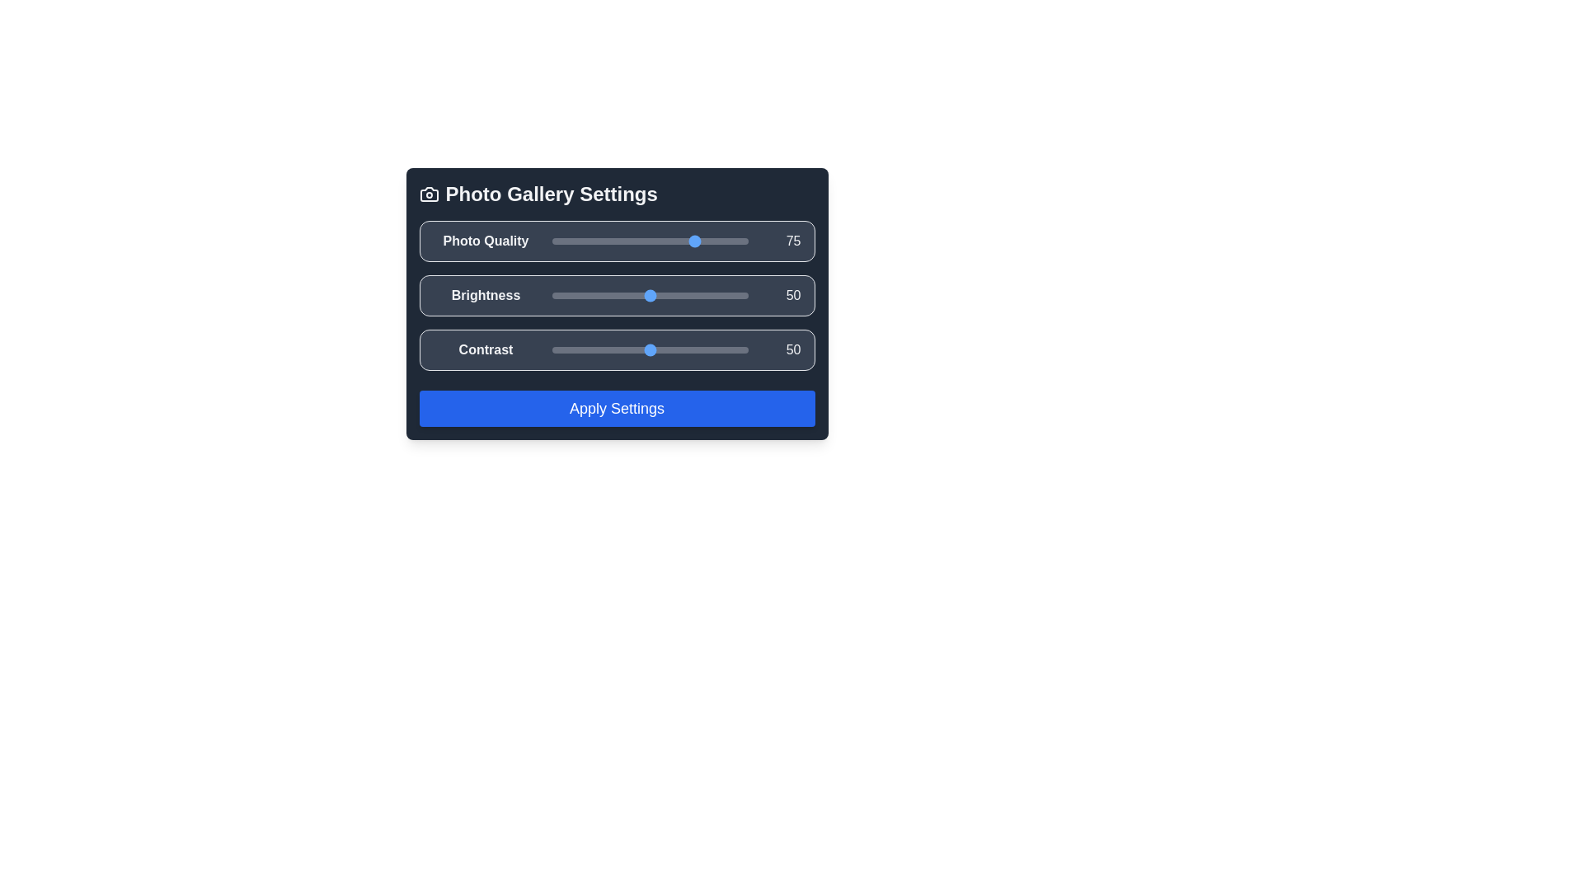  I want to click on the Static Text Display that shows the current brightness level, located in the 'Photo Gallery Settings' section below 'Photo Quality', so click(780, 294).